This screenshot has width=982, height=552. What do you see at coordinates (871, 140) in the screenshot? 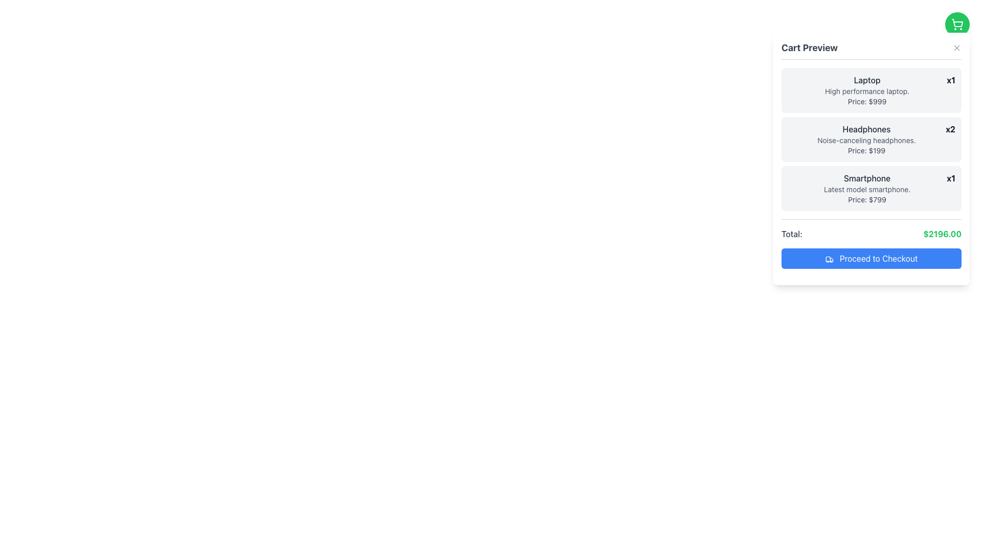
I see `text information from the second item in the shopping cart preview modal, which provides details about a specific item, including its name, description, price, and quantity` at bounding box center [871, 140].